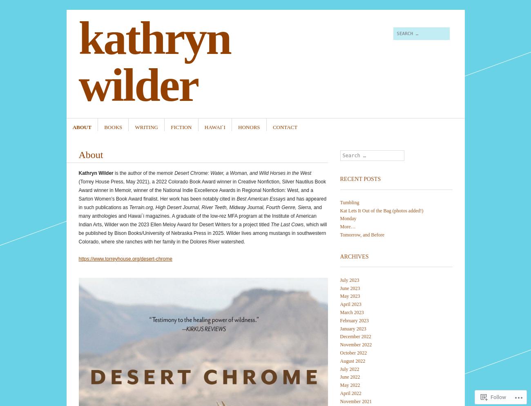  What do you see at coordinates (355, 400) in the screenshot?
I see `'November 2021'` at bounding box center [355, 400].